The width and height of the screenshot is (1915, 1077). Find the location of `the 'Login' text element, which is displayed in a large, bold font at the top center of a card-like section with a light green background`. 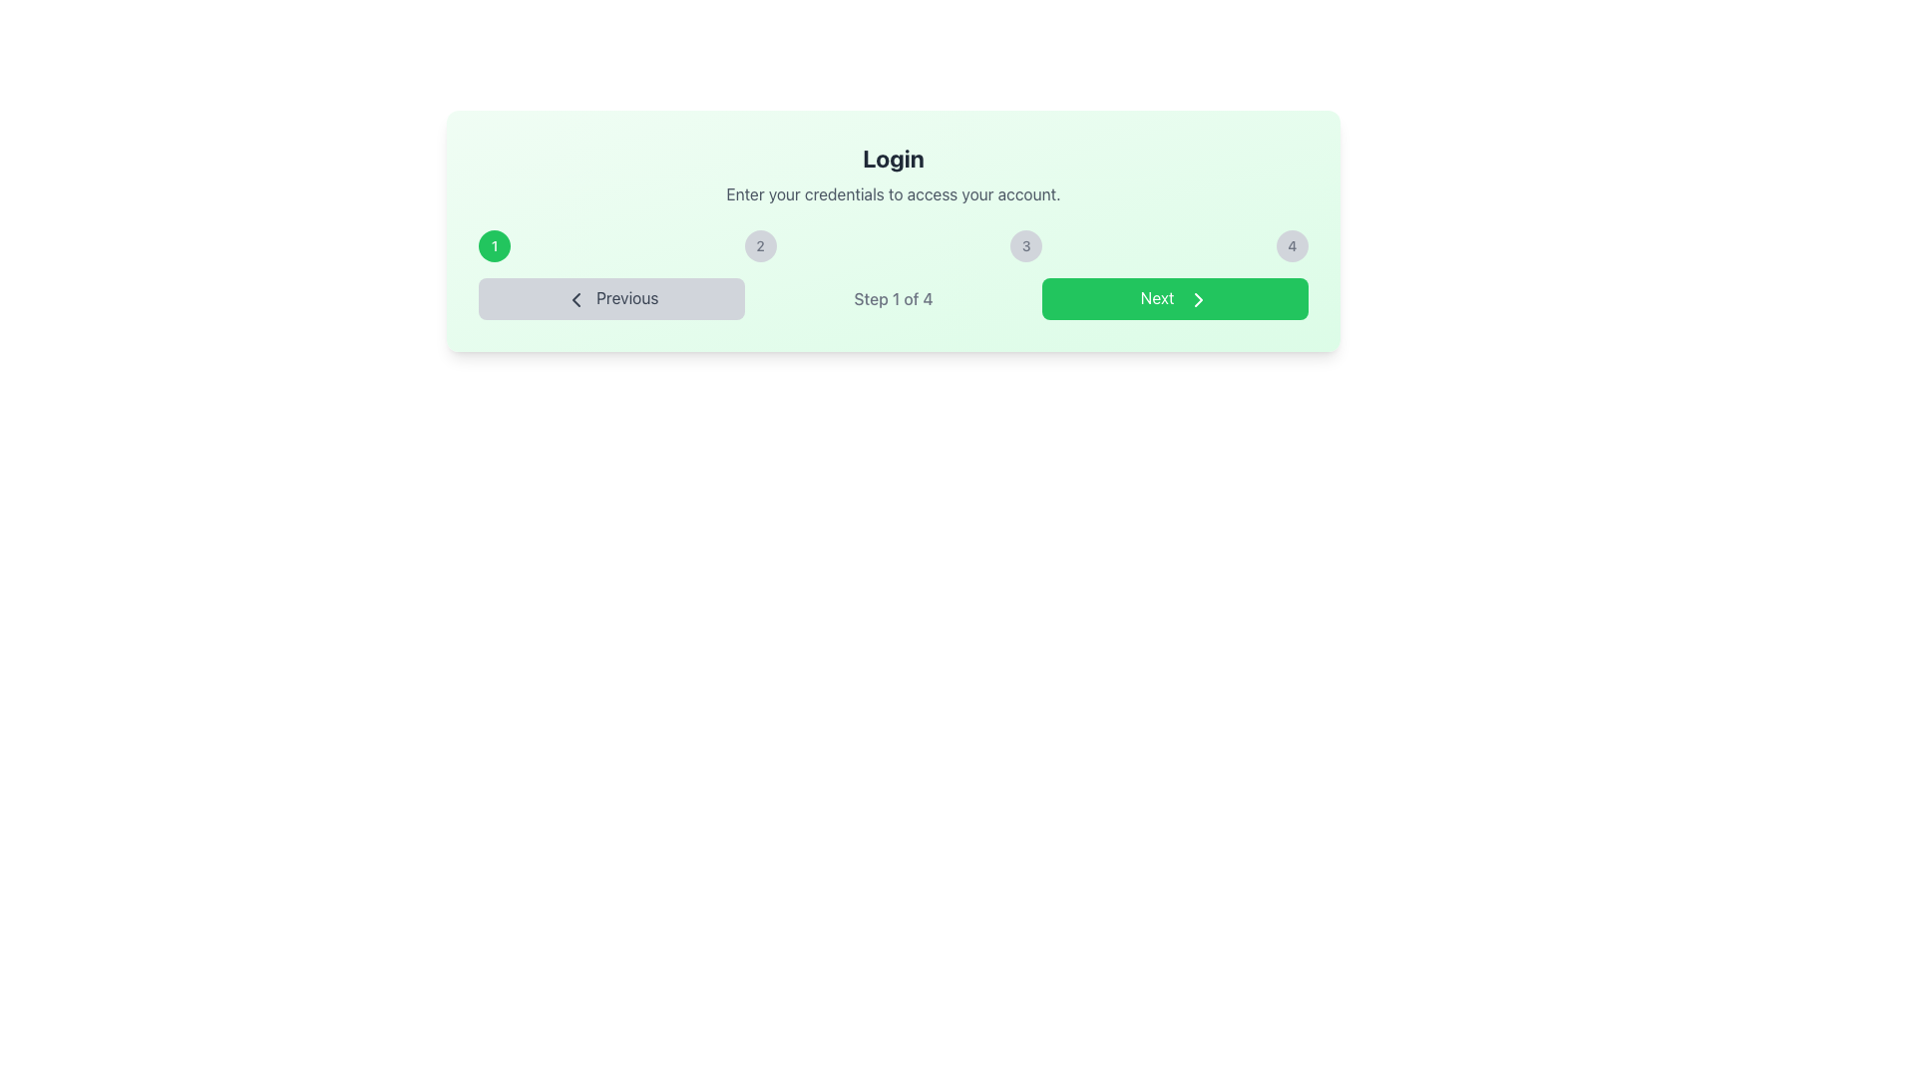

the 'Login' text element, which is displayed in a large, bold font at the top center of a card-like section with a light green background is located at coordinates (893, 157).